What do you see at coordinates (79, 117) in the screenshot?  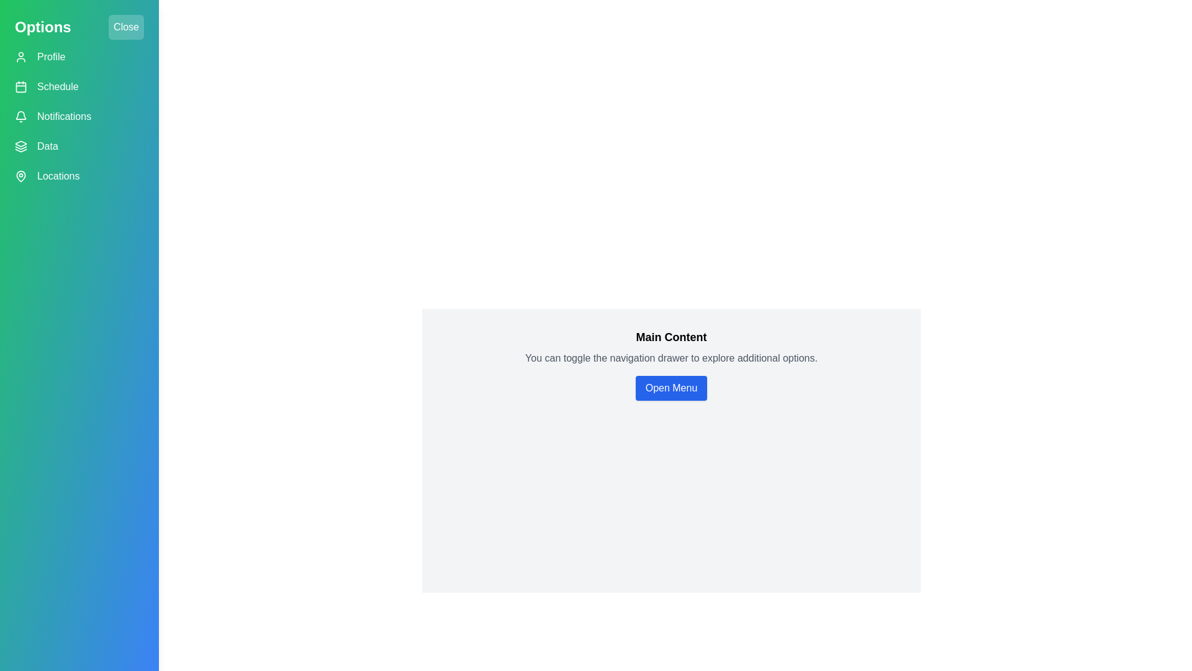 I see `the Notifications button in the navigation menu` at bounding box center [79, 117].